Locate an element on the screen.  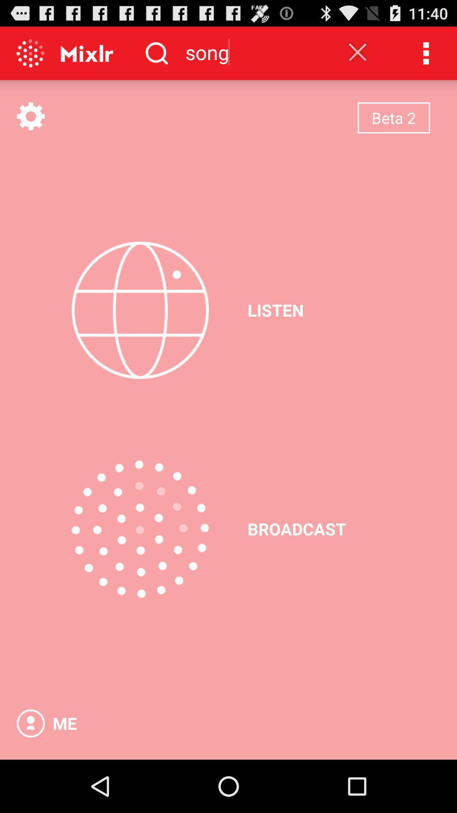
open settings is located at coordinates (30, 116).